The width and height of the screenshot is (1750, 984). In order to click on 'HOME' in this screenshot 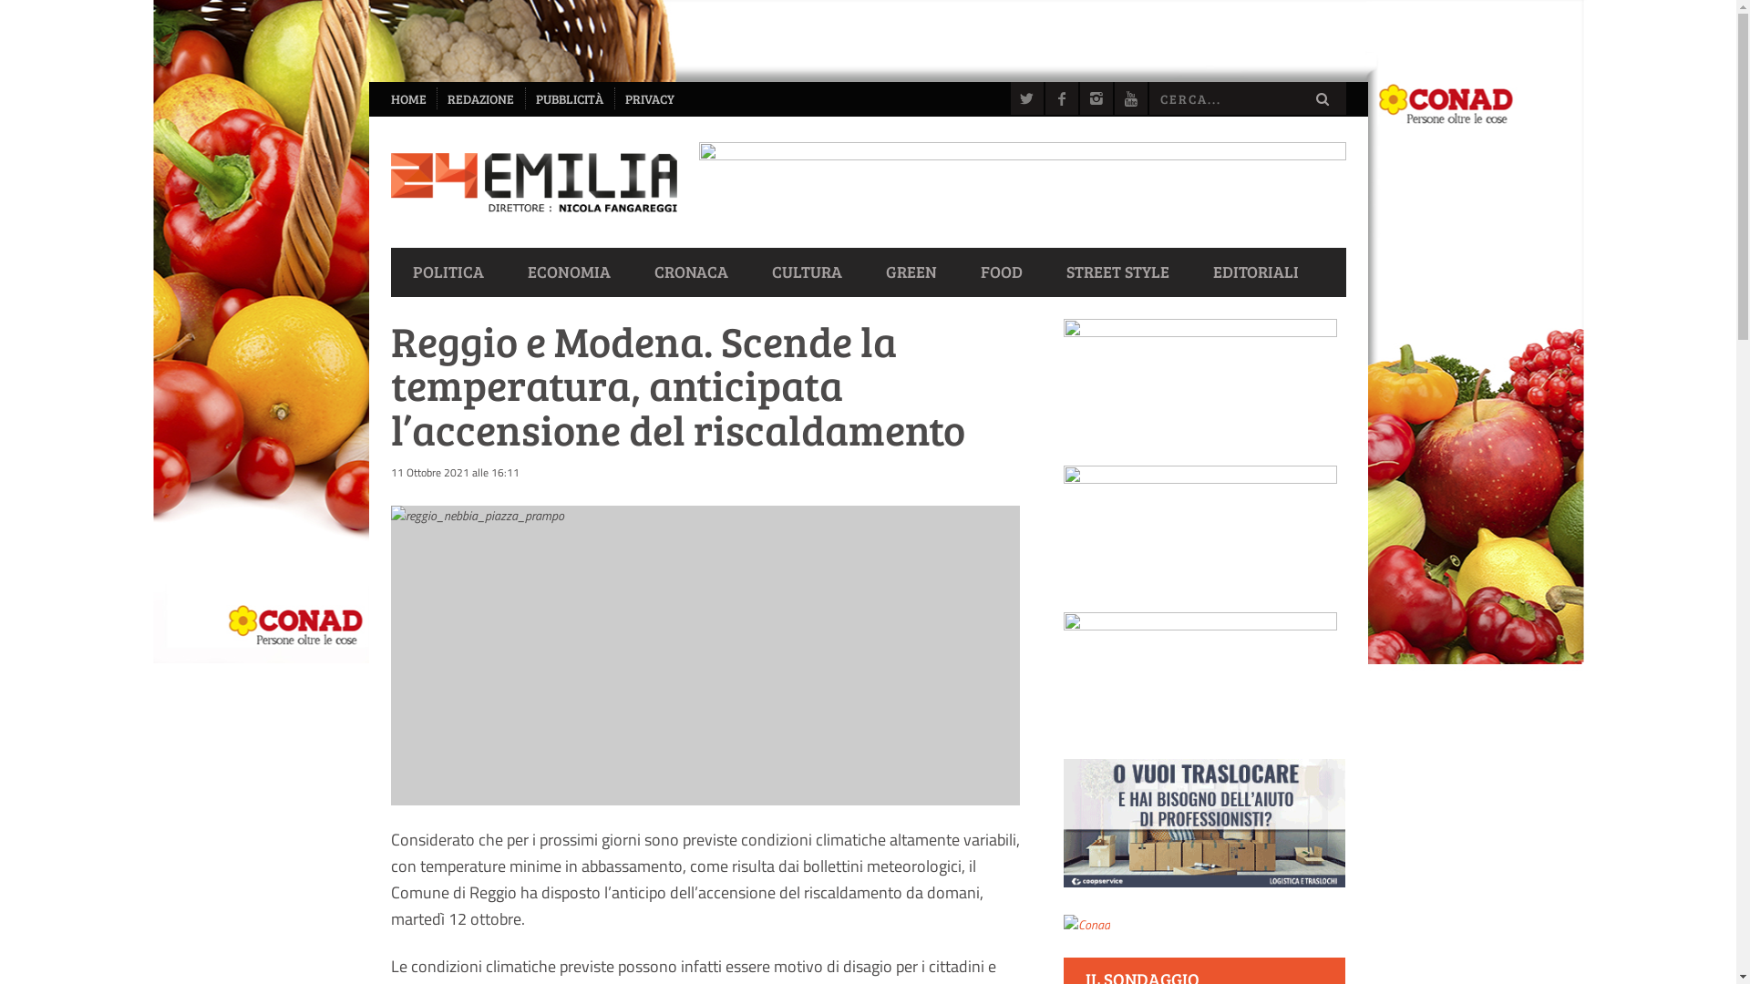, I will do `click(407, 98)`.